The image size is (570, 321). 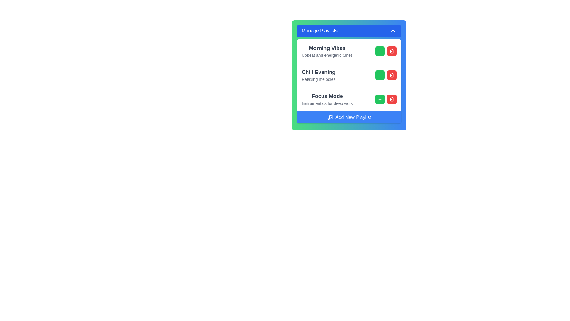 What do you see at coordinates (380, 51) in the screenshot?
I see `the small green button with a white plus sign located in the 'Morning Vibes' row` at bounding box center [380, 51].